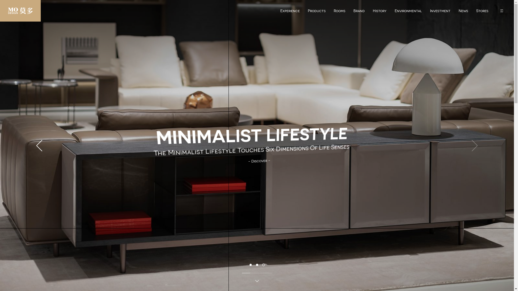 This screenshot has height=291, width=518. I want to click on 'Environmental', so click(391, 9).